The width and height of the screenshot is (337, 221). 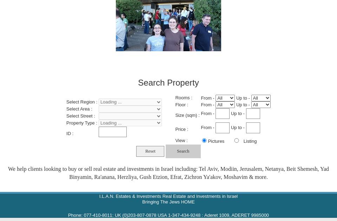 I want to click on 'Search Property', so click(x=168, y=82).